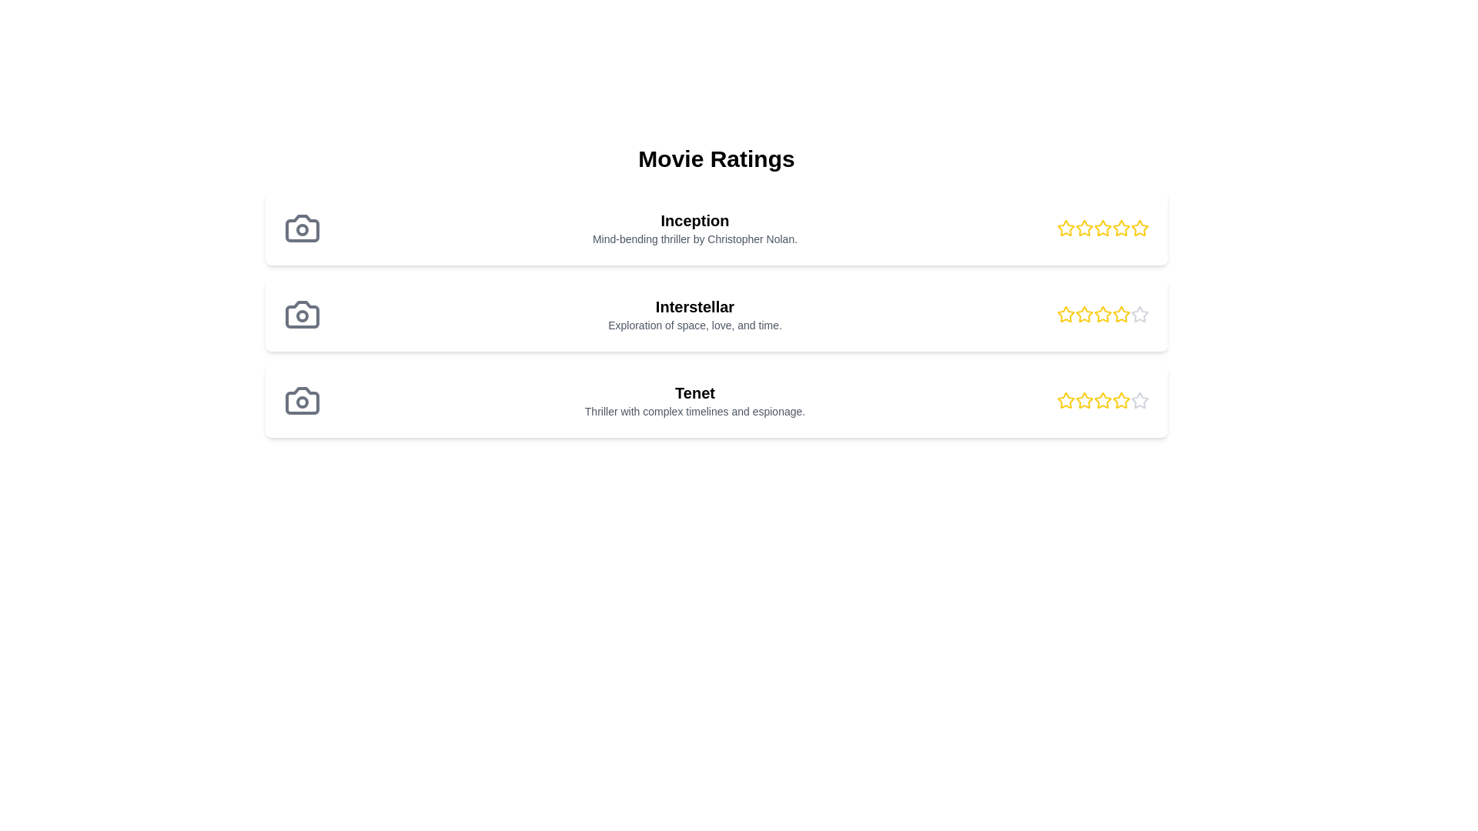 The height and width of the screenshot is (831, 1478). I want to click on the third star icon in the rating row for the 'Inception' movie, which signifies the third level of rating, so click(1102, 228).